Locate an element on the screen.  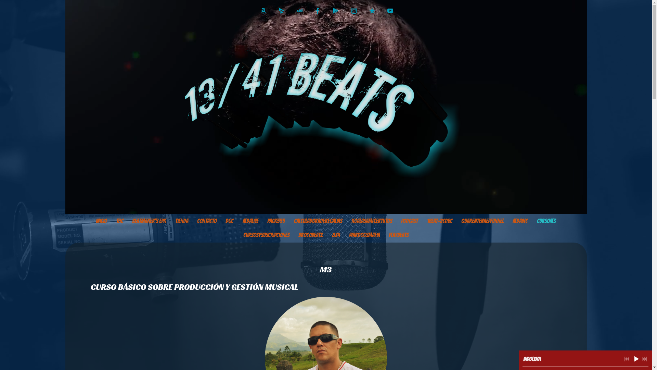
'PODCAST' is located at coordinates (409, 221).